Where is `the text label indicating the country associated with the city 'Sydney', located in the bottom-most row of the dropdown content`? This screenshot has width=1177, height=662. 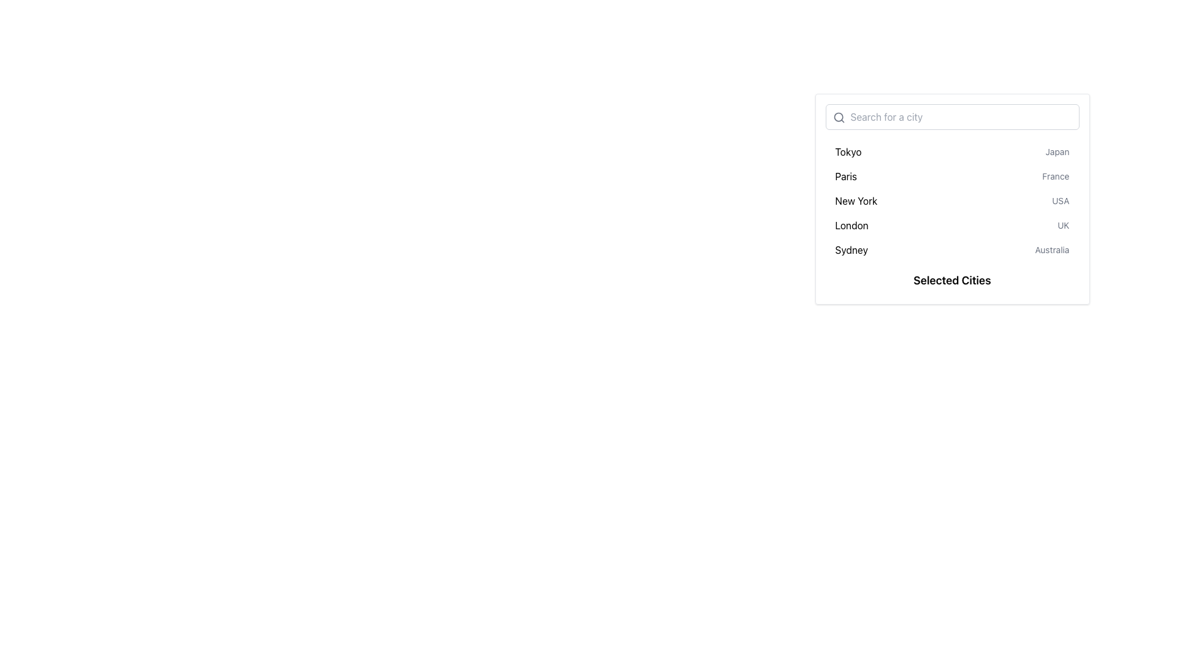
the text label indicating the country associated with the city 'Sydney', located in the bottom-most row of the dropdown content is located at coordinates (1051, 249).